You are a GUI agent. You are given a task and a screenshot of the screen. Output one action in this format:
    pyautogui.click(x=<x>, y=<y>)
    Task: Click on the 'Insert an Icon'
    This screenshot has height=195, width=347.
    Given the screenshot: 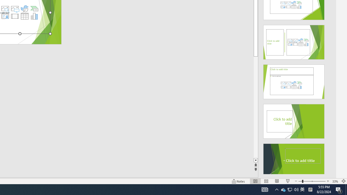 What is the action you would take?
    pyautogui.click(x=24, y=9)
    